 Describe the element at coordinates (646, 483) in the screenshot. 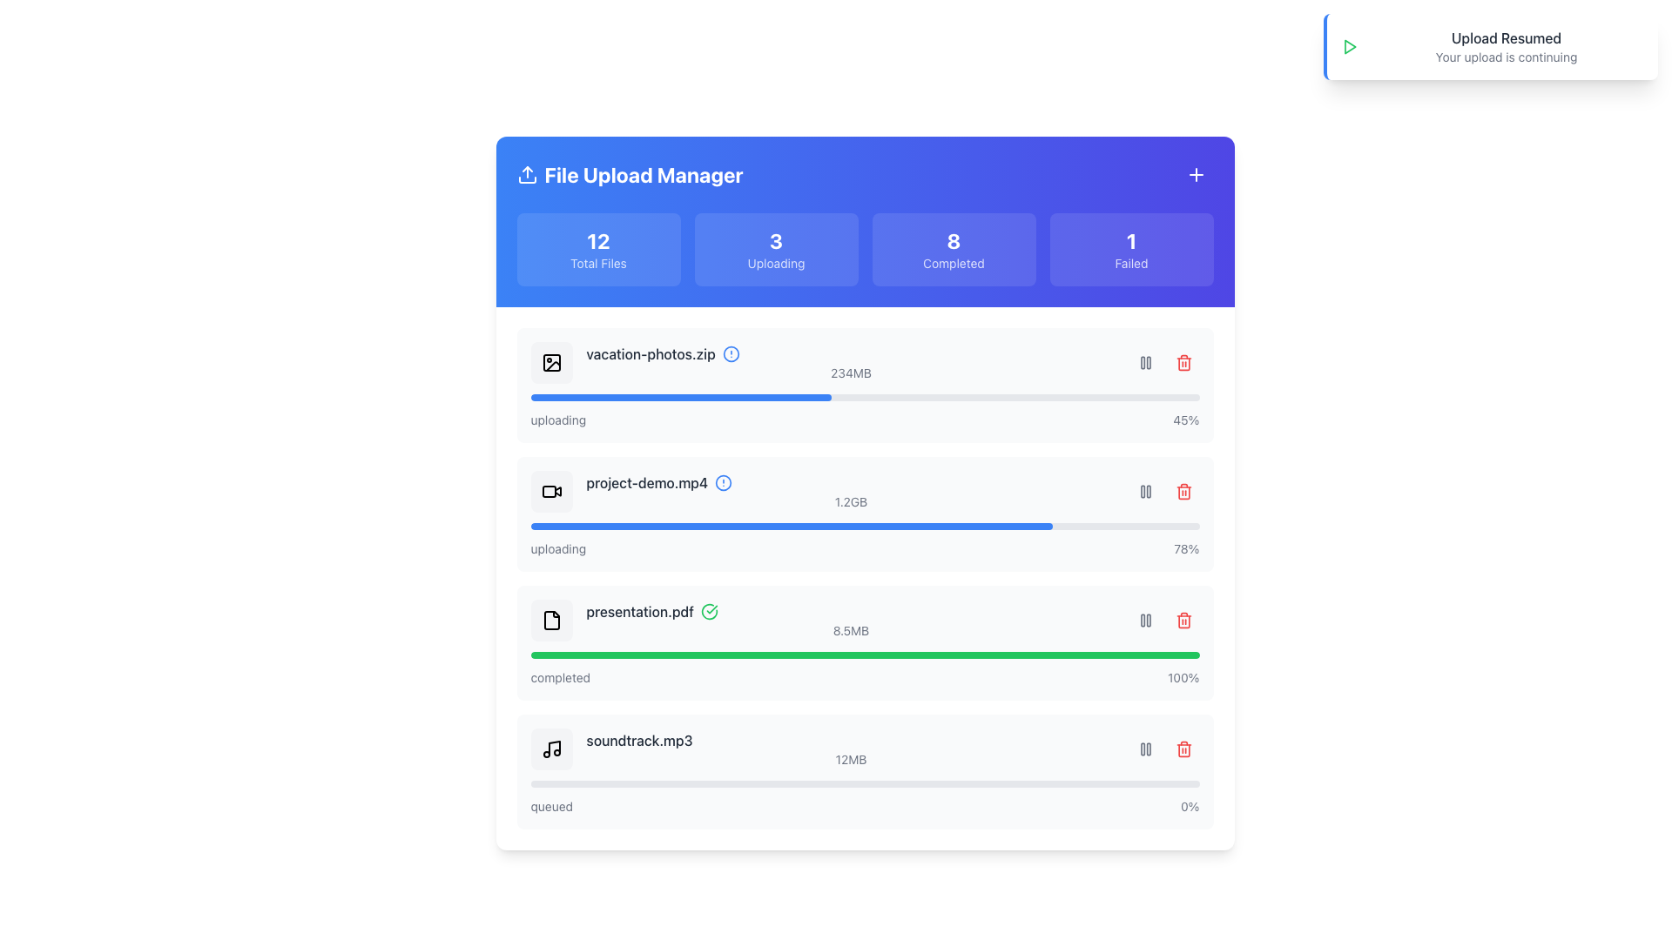

I see `the text label that displays the file name 'project-demo.mp4' located` at that location.